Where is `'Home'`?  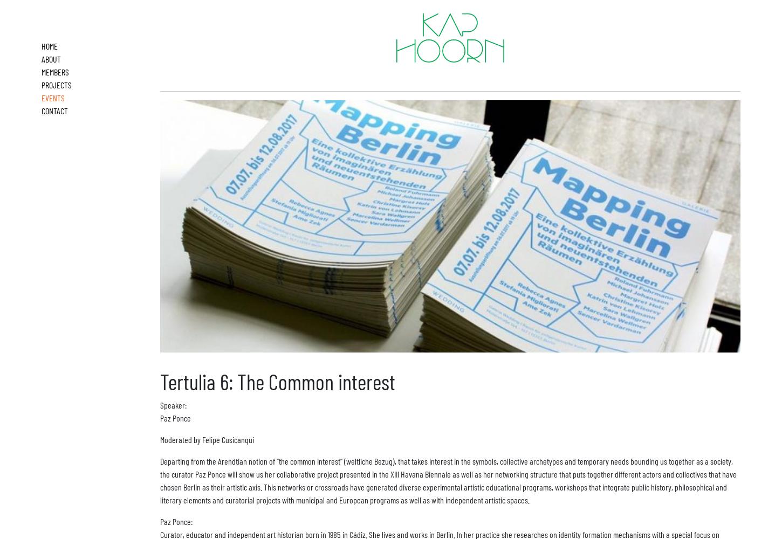 'Home' is located at coordinates (41, 45).